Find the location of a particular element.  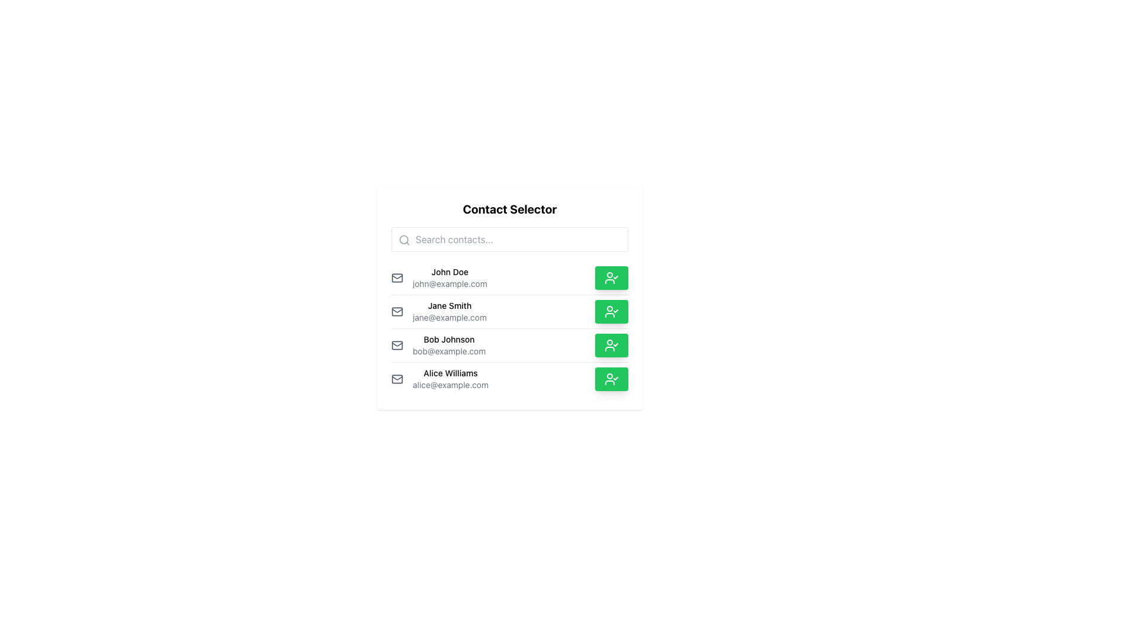

the visual representation of the email contact method icon for user 'John Doe', located to the left of their name and email in the contact list is located at coordinates (397, 278).